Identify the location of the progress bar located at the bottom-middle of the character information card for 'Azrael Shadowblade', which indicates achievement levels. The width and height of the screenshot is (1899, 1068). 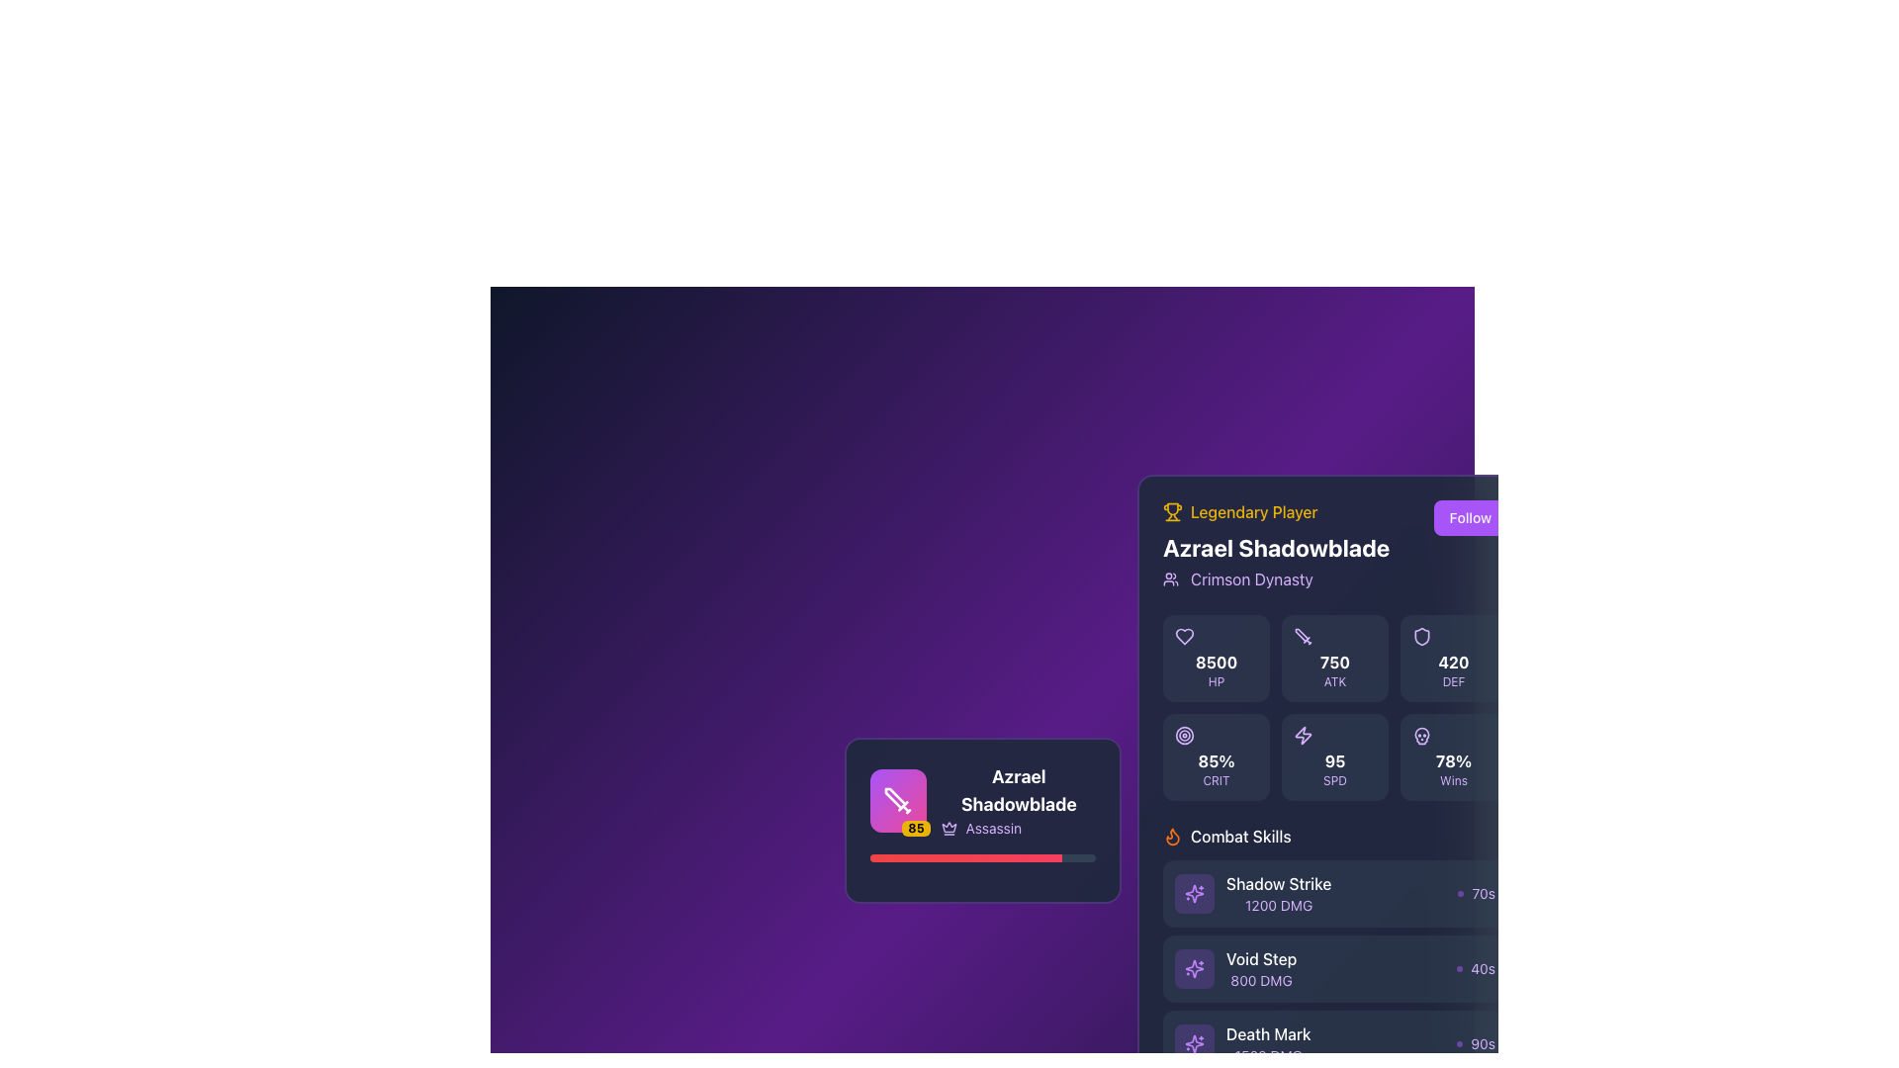
(982, 856).